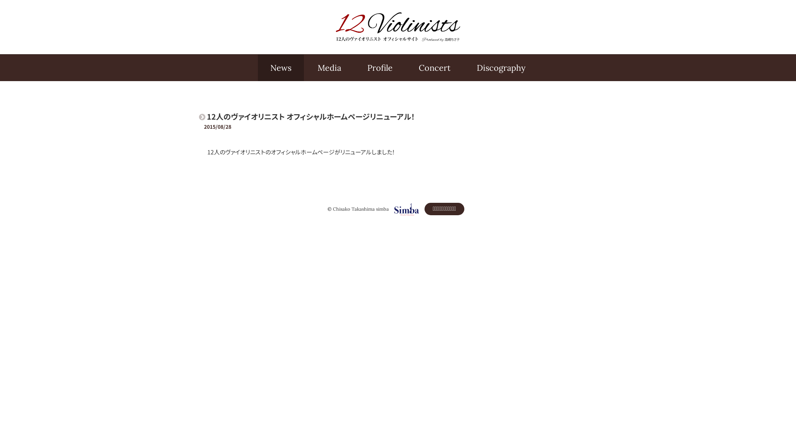 The height and width of the screenshot is (447, 796). What do you see at coordinates (329, 67) in the screenshot?
I see `'Media'` at bounding box center [329, 67].